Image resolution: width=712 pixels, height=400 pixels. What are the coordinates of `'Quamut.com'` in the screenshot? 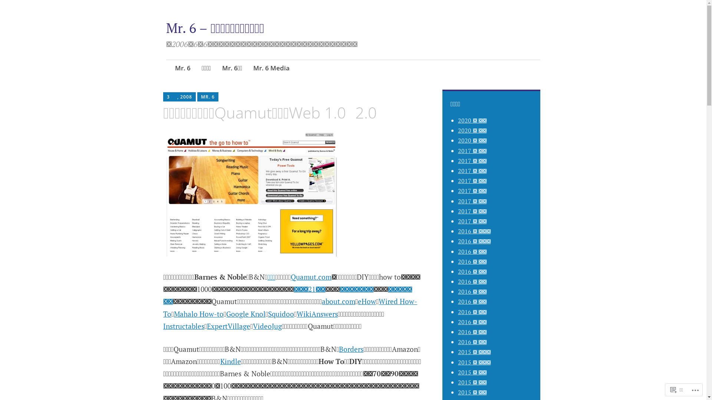 It's located at (311, 277).